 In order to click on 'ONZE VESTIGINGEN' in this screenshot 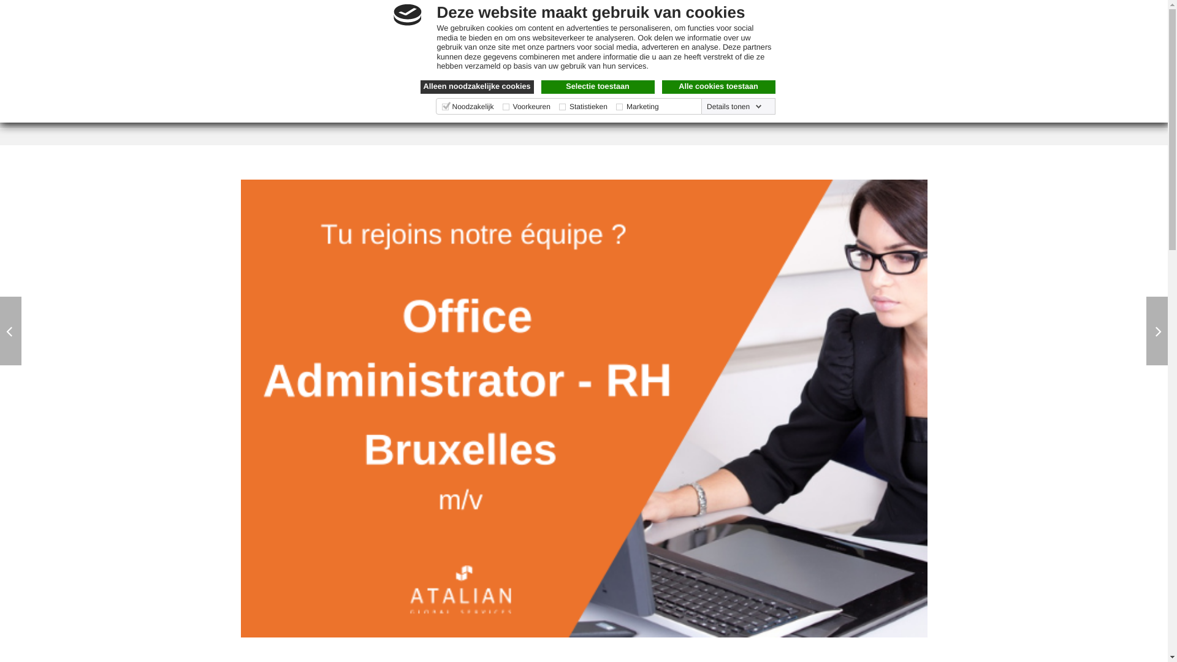, I will do `click(667, 91)`.